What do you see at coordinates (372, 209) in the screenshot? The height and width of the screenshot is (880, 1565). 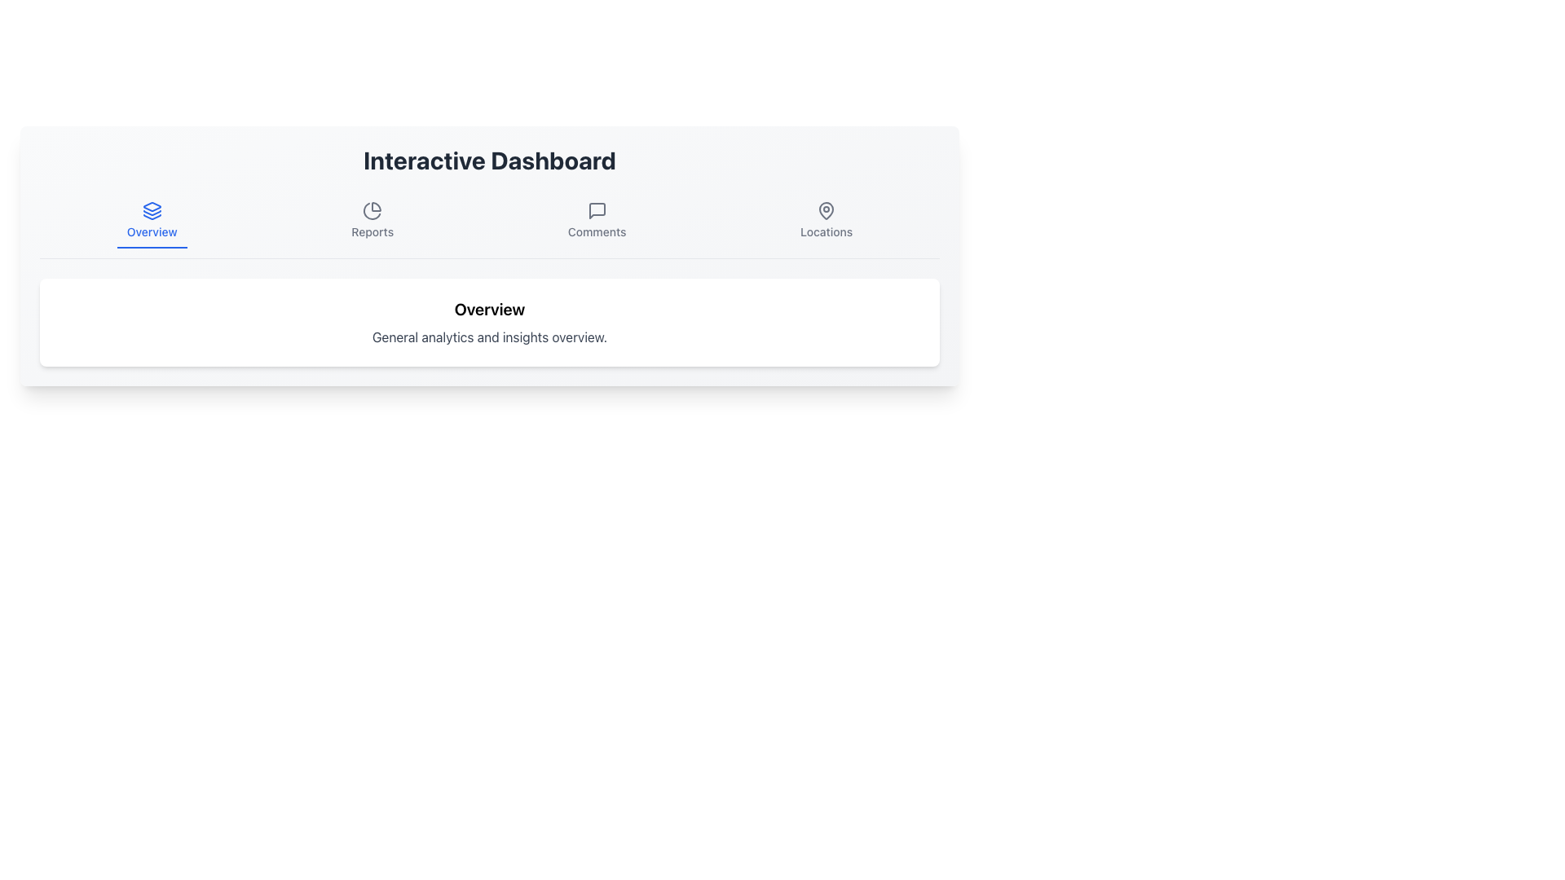 I see `the pie chart icon that is styled with a stroke and located above the 'Reports' label in the navigation bar` at bounding box center [372, 209].